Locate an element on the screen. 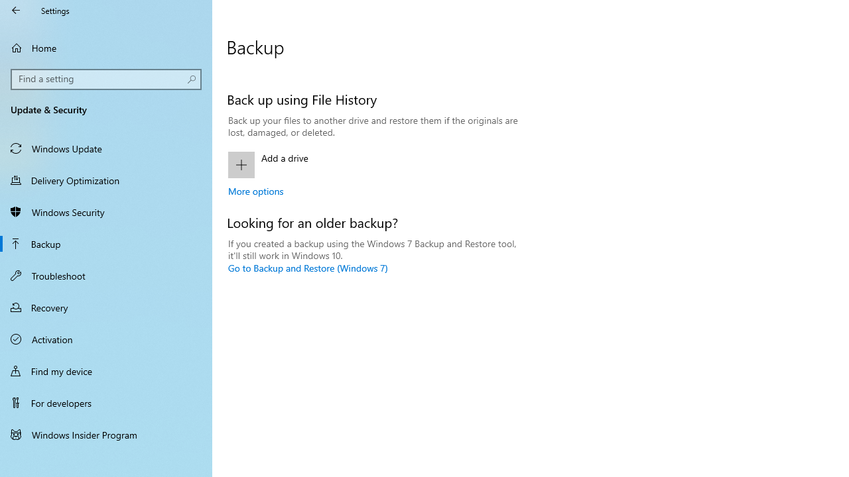  'Activation' is located at coordinates (106, 338).